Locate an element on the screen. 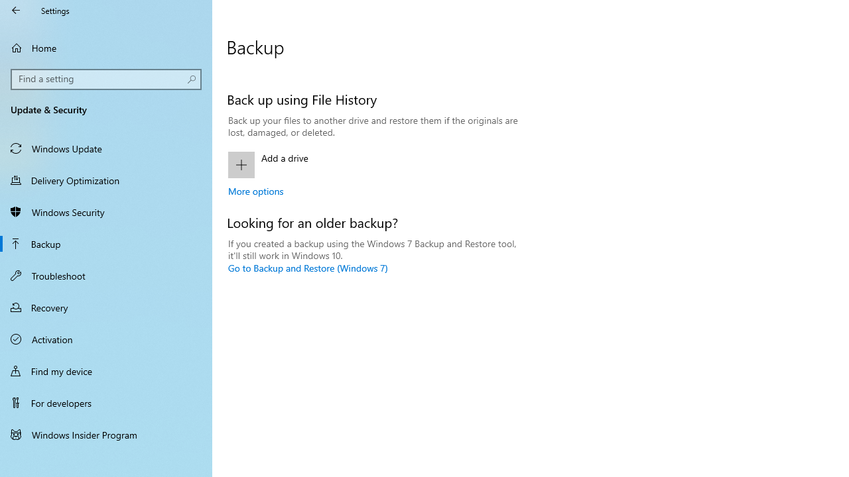  'Activation' is located at coordinates (106, 338).